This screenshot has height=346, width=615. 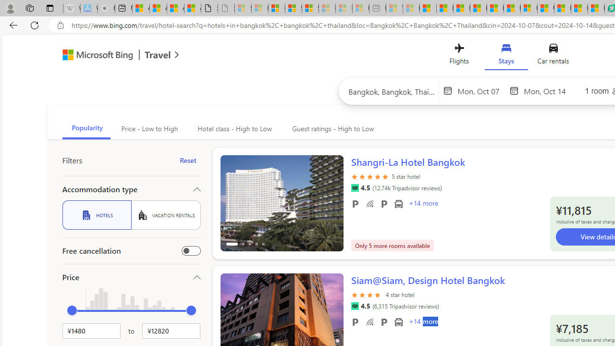 I want to click on 'Buy iPad - Apple - Sleeping', so click(x=106, y=8).